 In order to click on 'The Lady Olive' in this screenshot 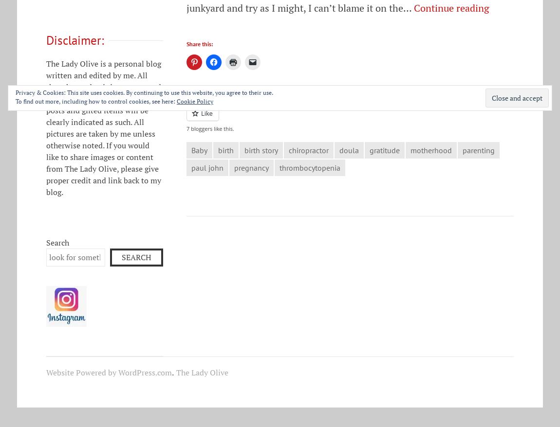, I will do `click(202, 372)`.